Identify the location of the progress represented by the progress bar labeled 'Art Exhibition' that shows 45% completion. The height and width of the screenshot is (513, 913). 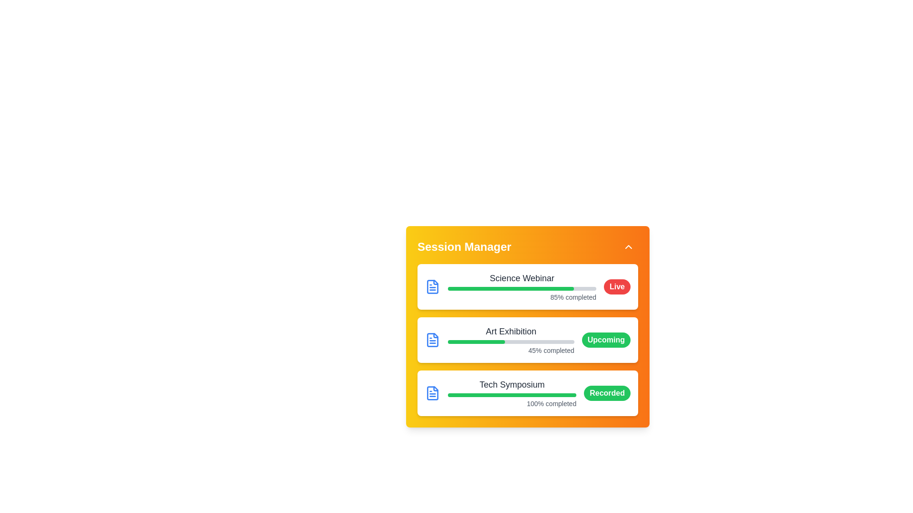
(510, 340).